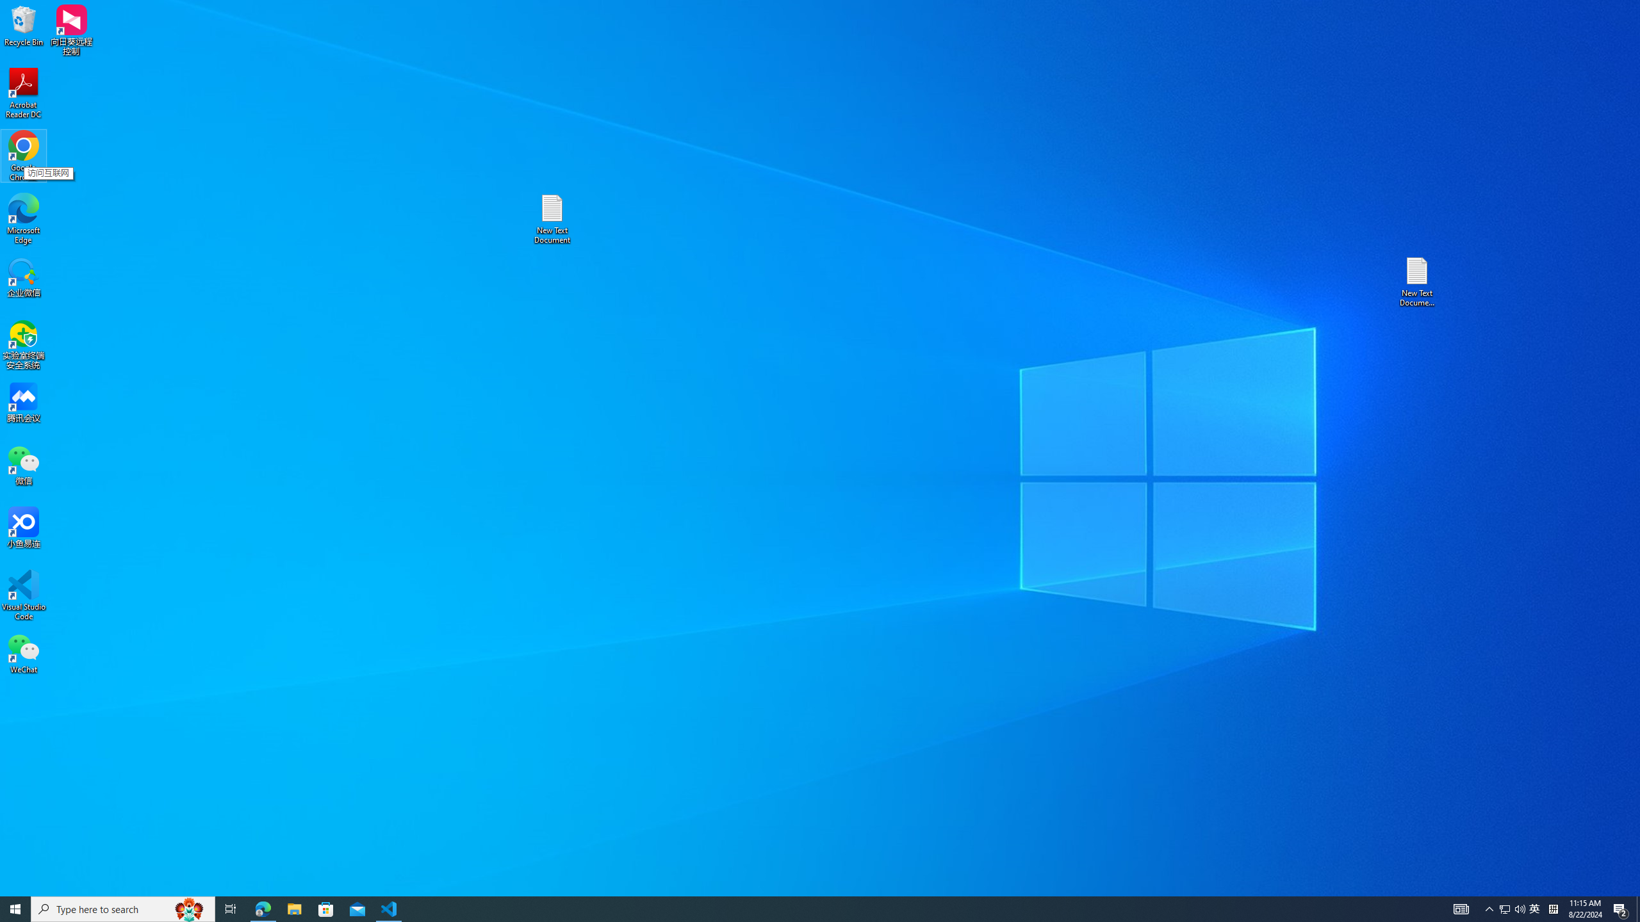  I want to click on 'Recycle Bin', so click(23, 24).